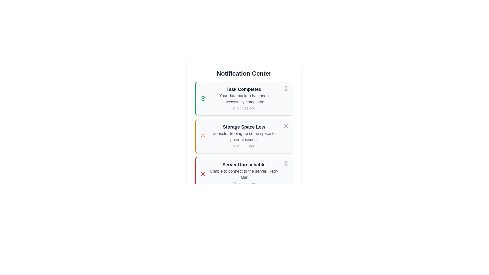 This screenshot has height=275, width=489. Describe the element at coordinates (286, 88) in the screenshot. I see `the dismiss button located at the top-right corner of the 'Task Completed' notification card with a green border` at that location.